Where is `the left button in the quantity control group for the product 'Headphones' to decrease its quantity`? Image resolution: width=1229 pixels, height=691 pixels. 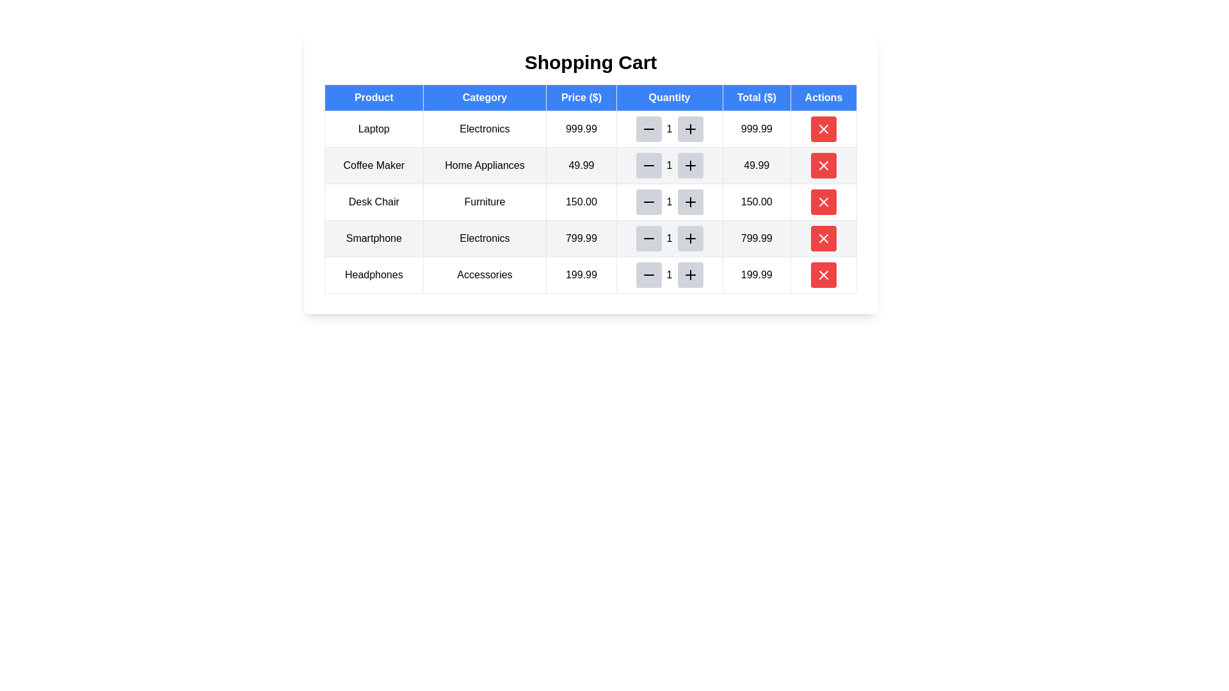 the left button in the quantity control group for the product 'Headphones' to decrease its quantity is located at coordinates (648, 274).